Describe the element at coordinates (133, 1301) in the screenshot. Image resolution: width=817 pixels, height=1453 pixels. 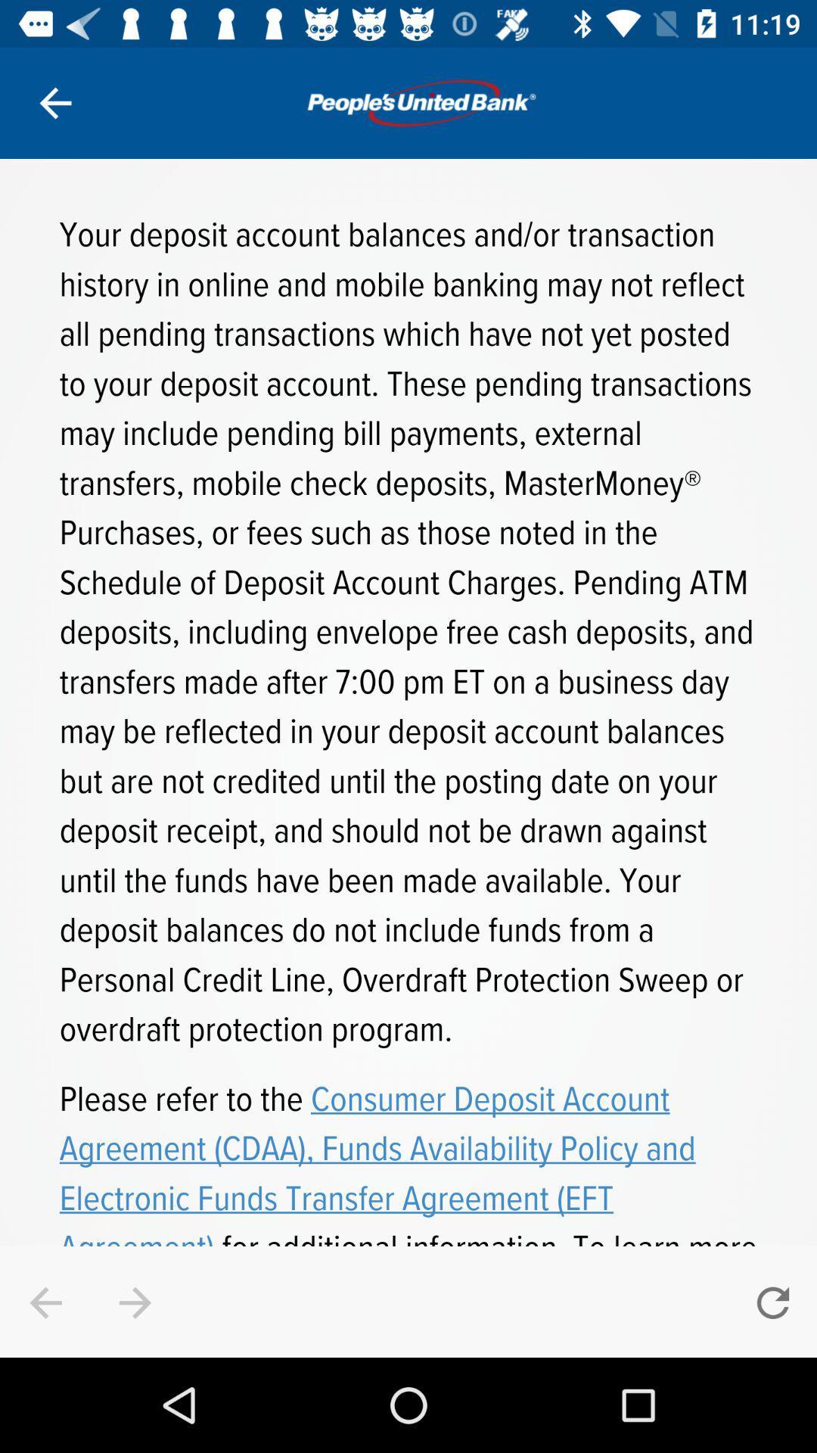
I see `the arrow_forward icon` at that location.